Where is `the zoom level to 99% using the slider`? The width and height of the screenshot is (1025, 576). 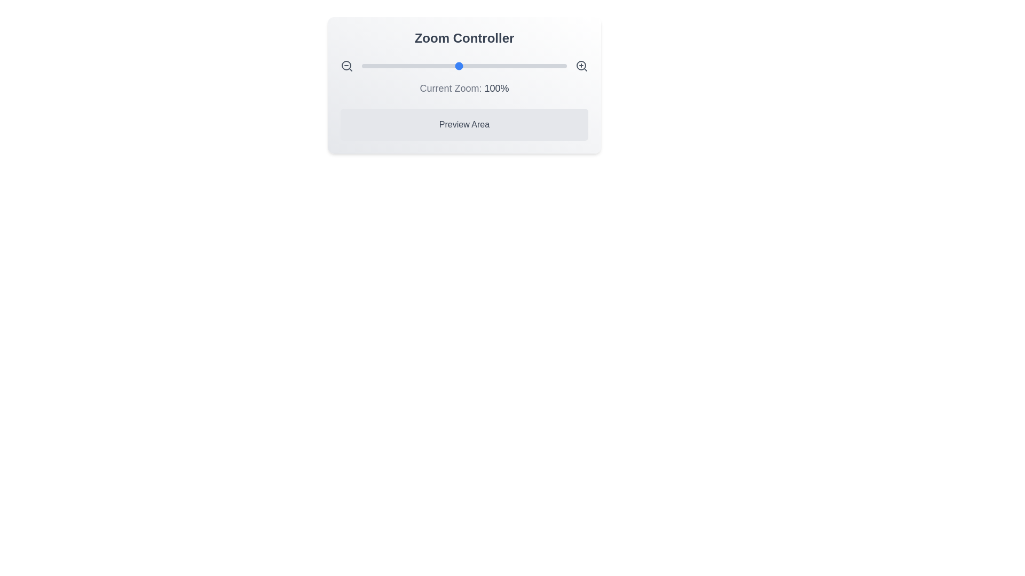
the zoom level to 99% using the slider is located at coordinates (458, 66).